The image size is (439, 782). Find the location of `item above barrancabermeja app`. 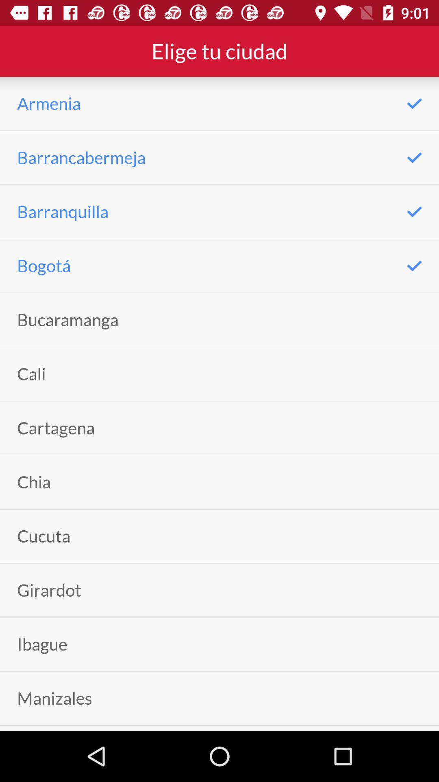

item above barrancabermeja app is located at coordinates (49, 103).